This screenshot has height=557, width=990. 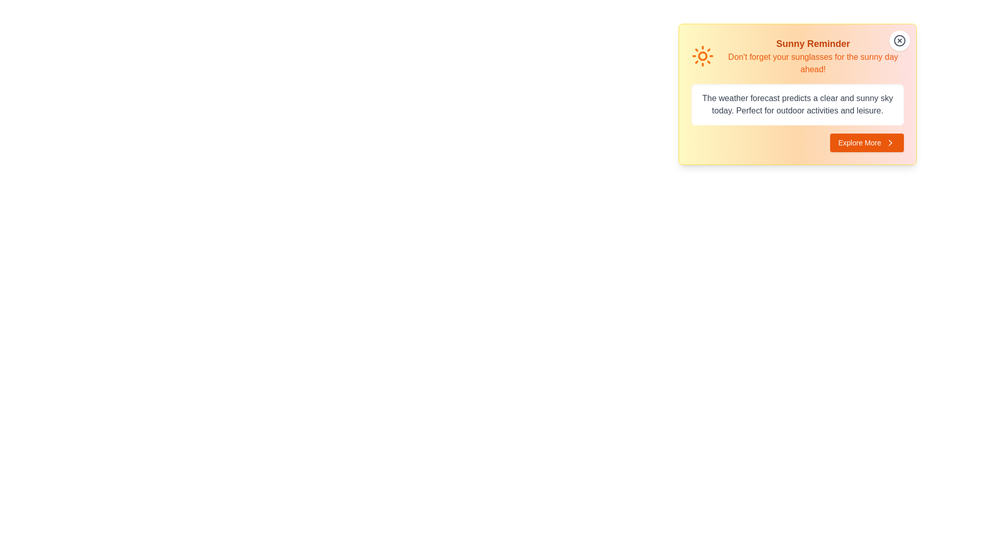 I want to click on the close icon in the top-right corner of the alert component, so click(x=899, y=40).